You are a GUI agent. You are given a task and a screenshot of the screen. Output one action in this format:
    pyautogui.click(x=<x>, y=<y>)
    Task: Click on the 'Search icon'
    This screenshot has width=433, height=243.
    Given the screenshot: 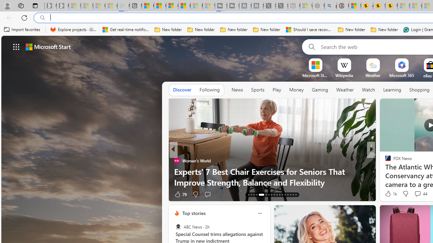 What is the action you would take?
    pyautogui.click(x=42, y=18)
    